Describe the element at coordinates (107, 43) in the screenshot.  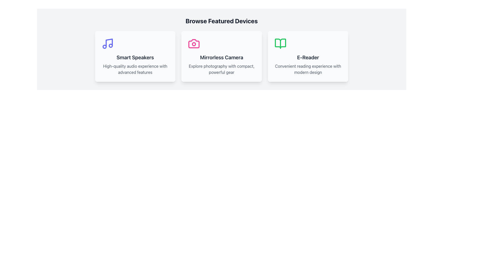
I see `the music icon with a violet outline located above the 'Smart Speakers' text in the 'Browse Featured Devices' section` at that location.